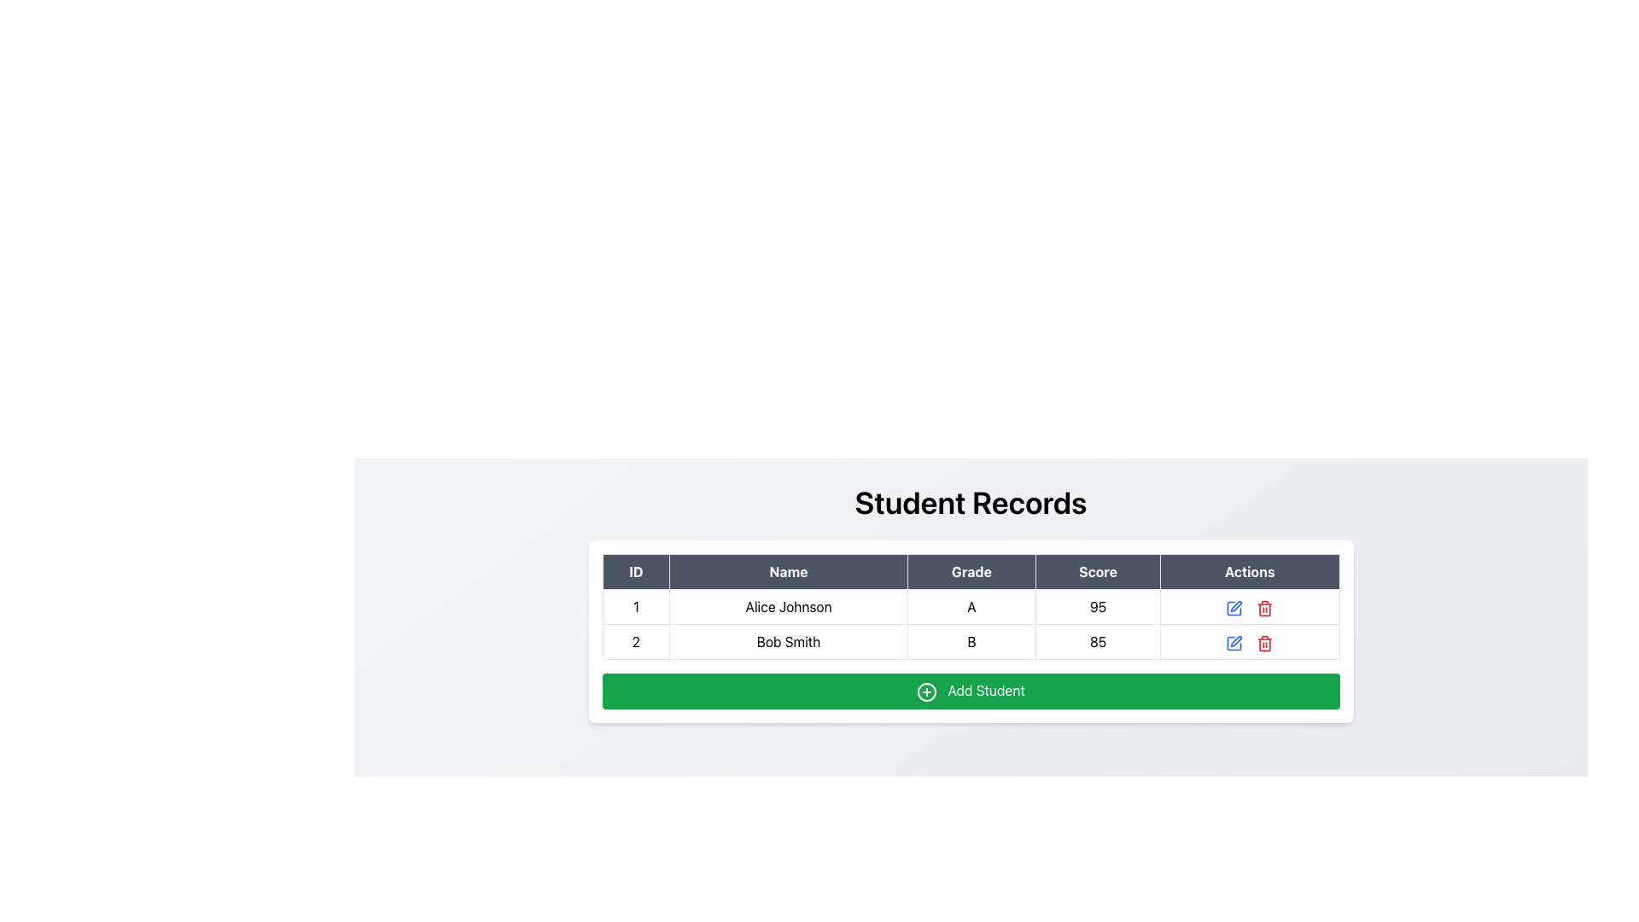 The width and height of the screenshot is (1639, 922). Describe the element at coordinates (1234, 607) in the screenshot. I see `the edit icon button for the first entry in the 'Student Records' table corresponding to Alice Johnson` at that location.